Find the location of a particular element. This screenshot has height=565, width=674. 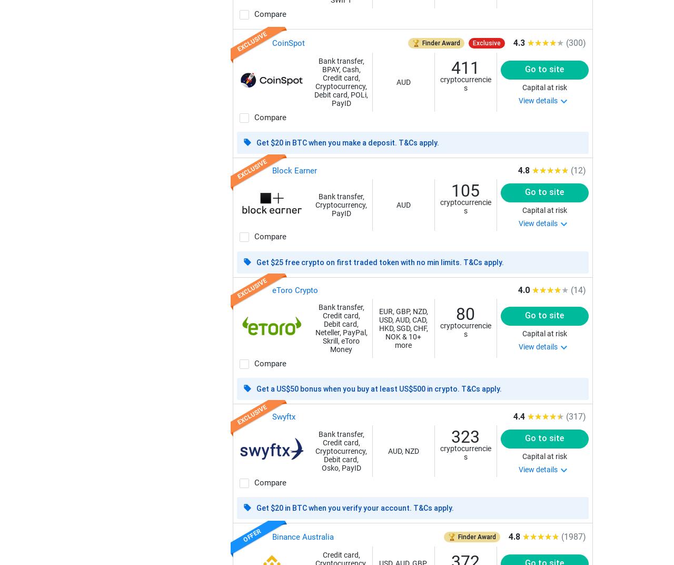

'Bank transfer,           BPAY,           Cash,           Credit card,           Cryptocurrency,           Debit card,           POLi,          PayID' is located at coordinates (341, 81).